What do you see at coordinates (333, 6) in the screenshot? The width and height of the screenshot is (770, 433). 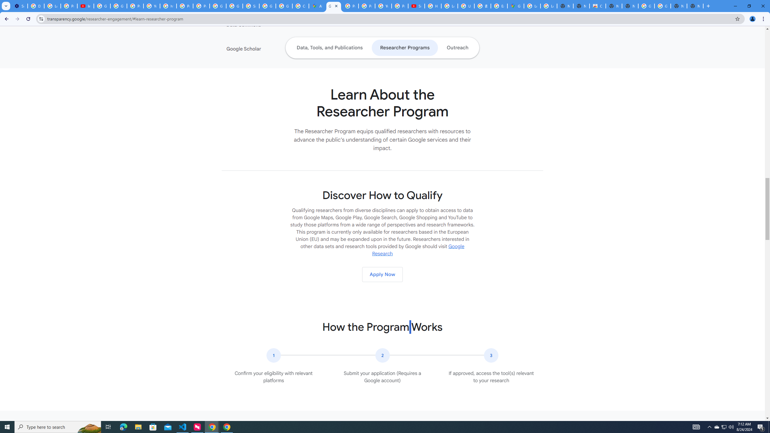 I see `'Google Researcher Engagement - Transparency Center'` at bounding box center [333, 6].